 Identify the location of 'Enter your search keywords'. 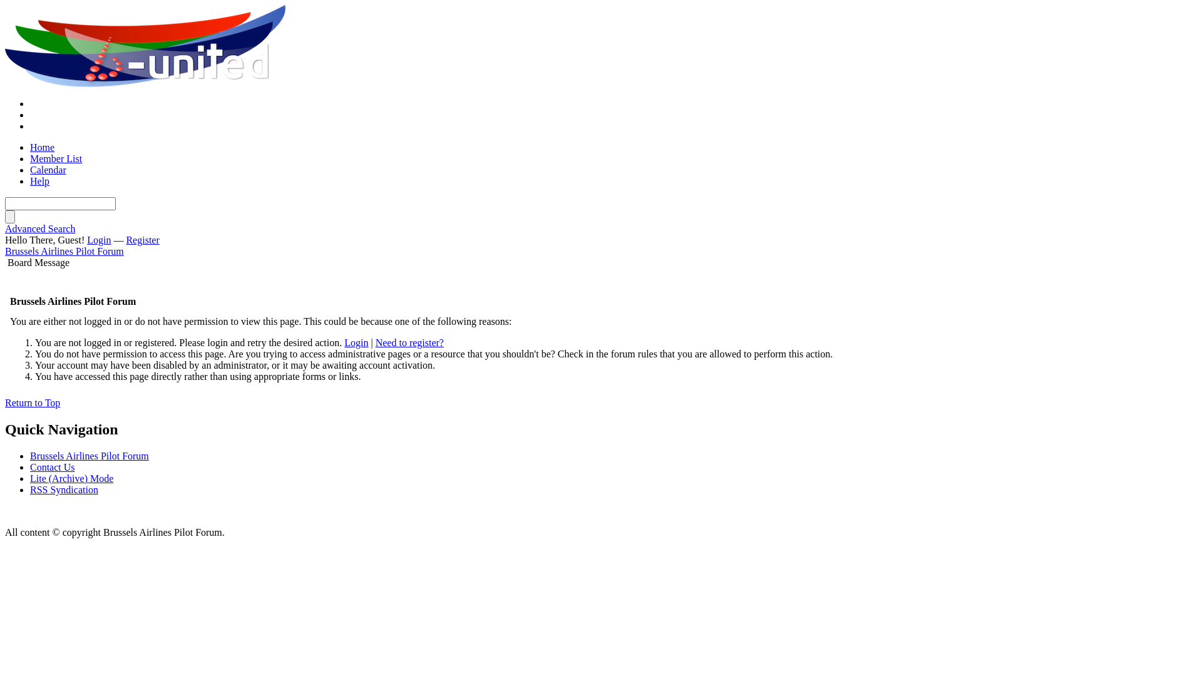
(59, 203).